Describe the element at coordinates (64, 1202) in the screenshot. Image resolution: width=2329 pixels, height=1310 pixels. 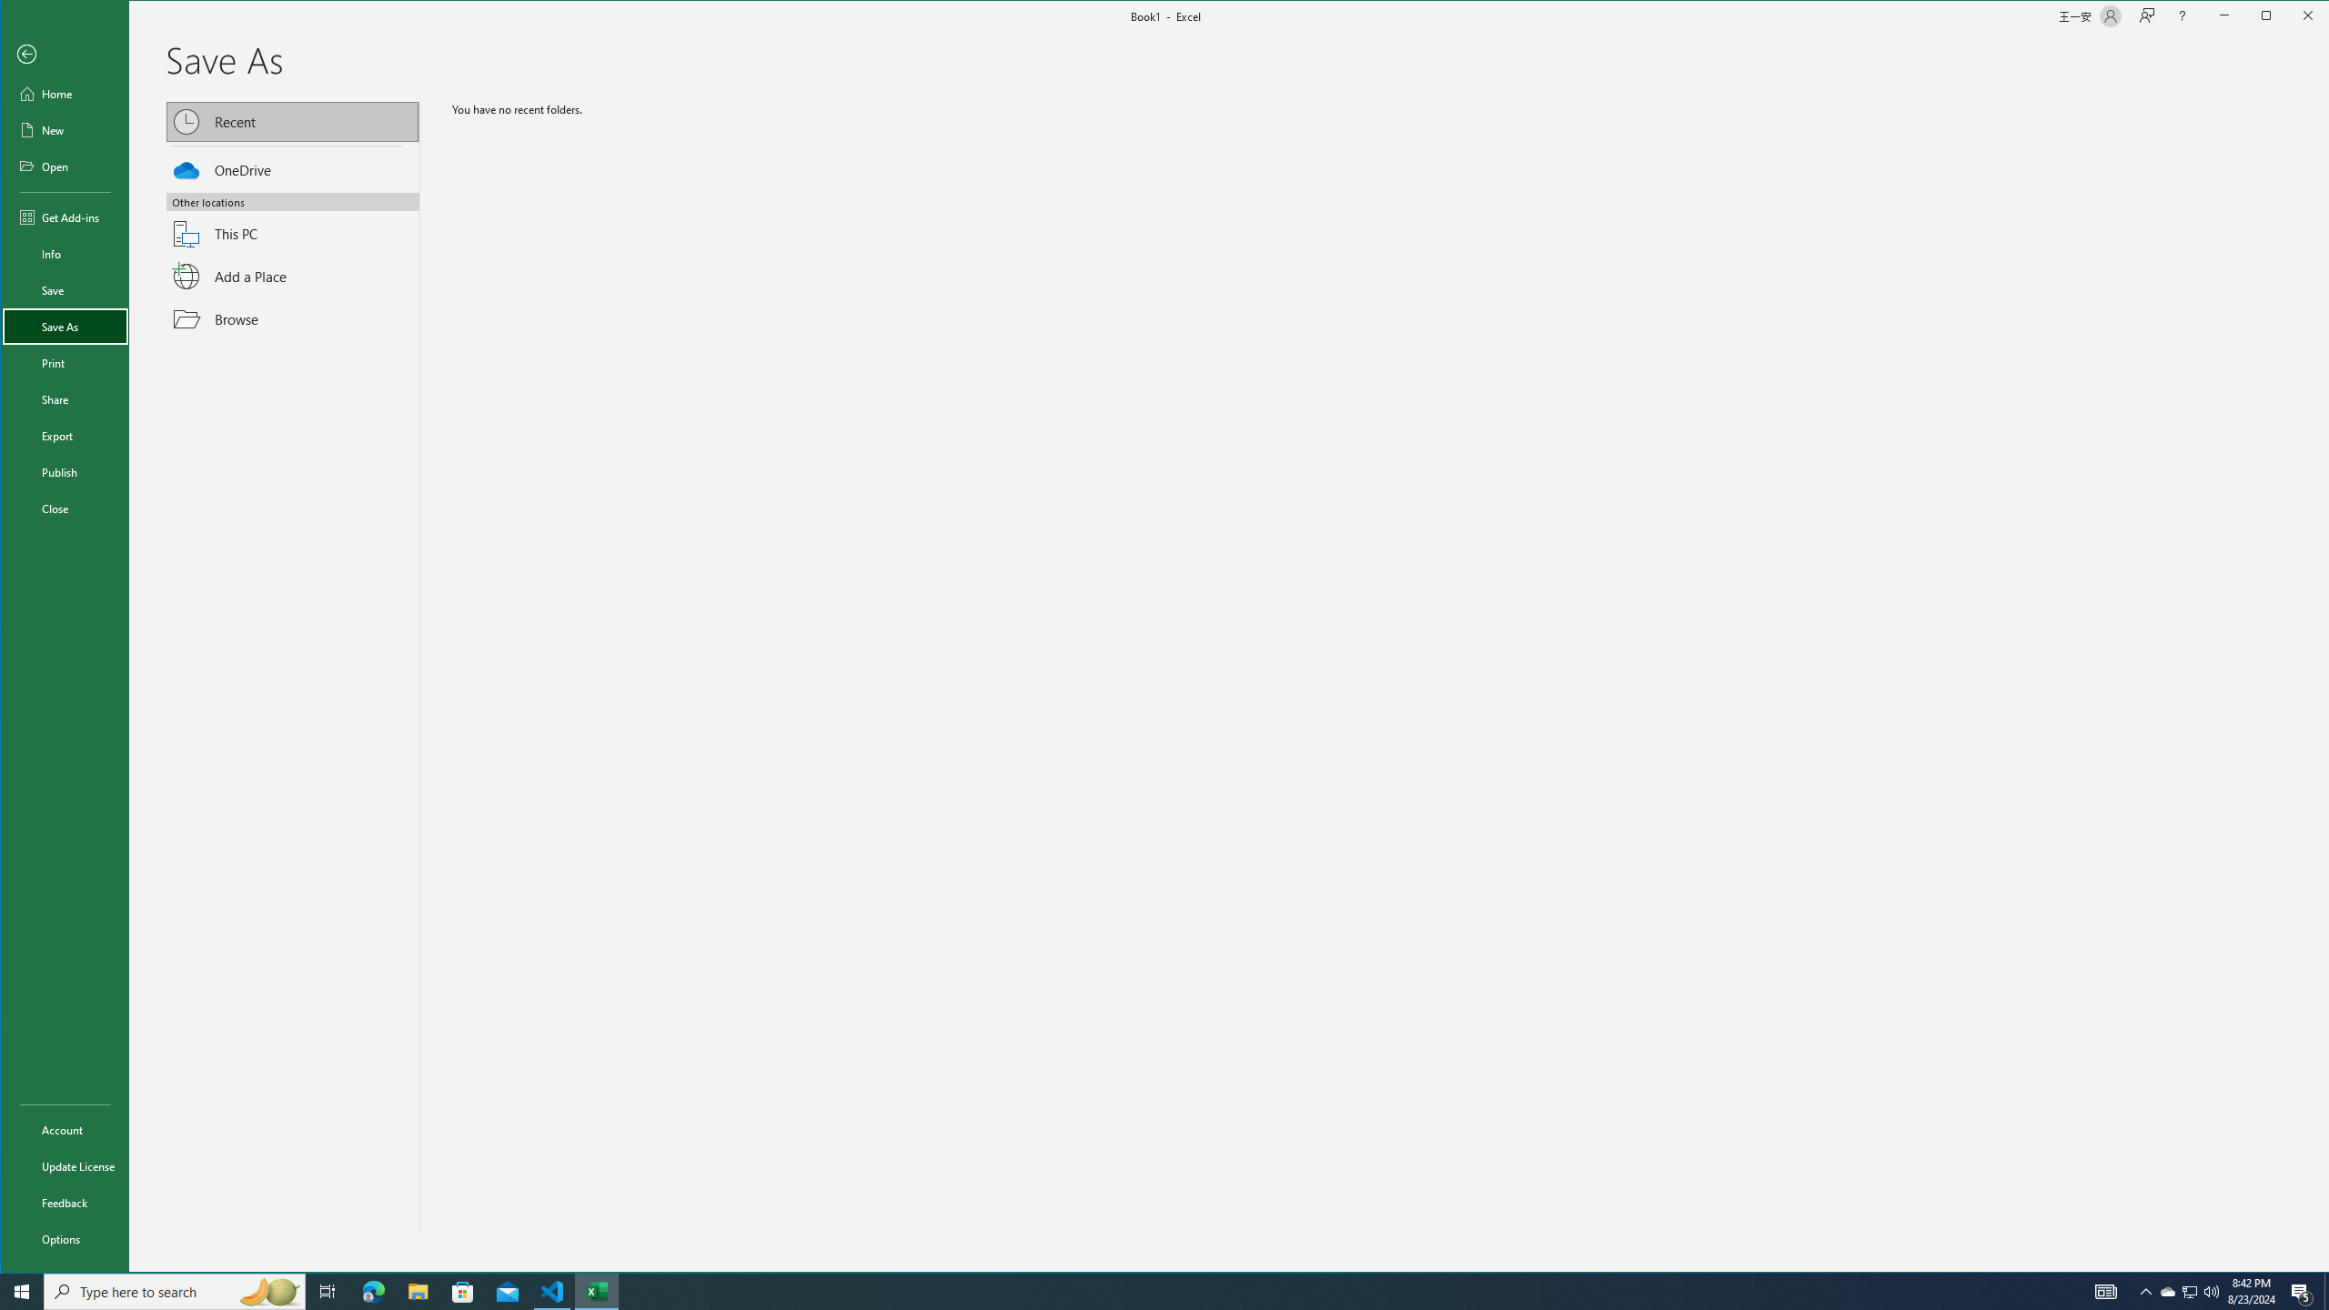
I see `'Feedback'` at that location.